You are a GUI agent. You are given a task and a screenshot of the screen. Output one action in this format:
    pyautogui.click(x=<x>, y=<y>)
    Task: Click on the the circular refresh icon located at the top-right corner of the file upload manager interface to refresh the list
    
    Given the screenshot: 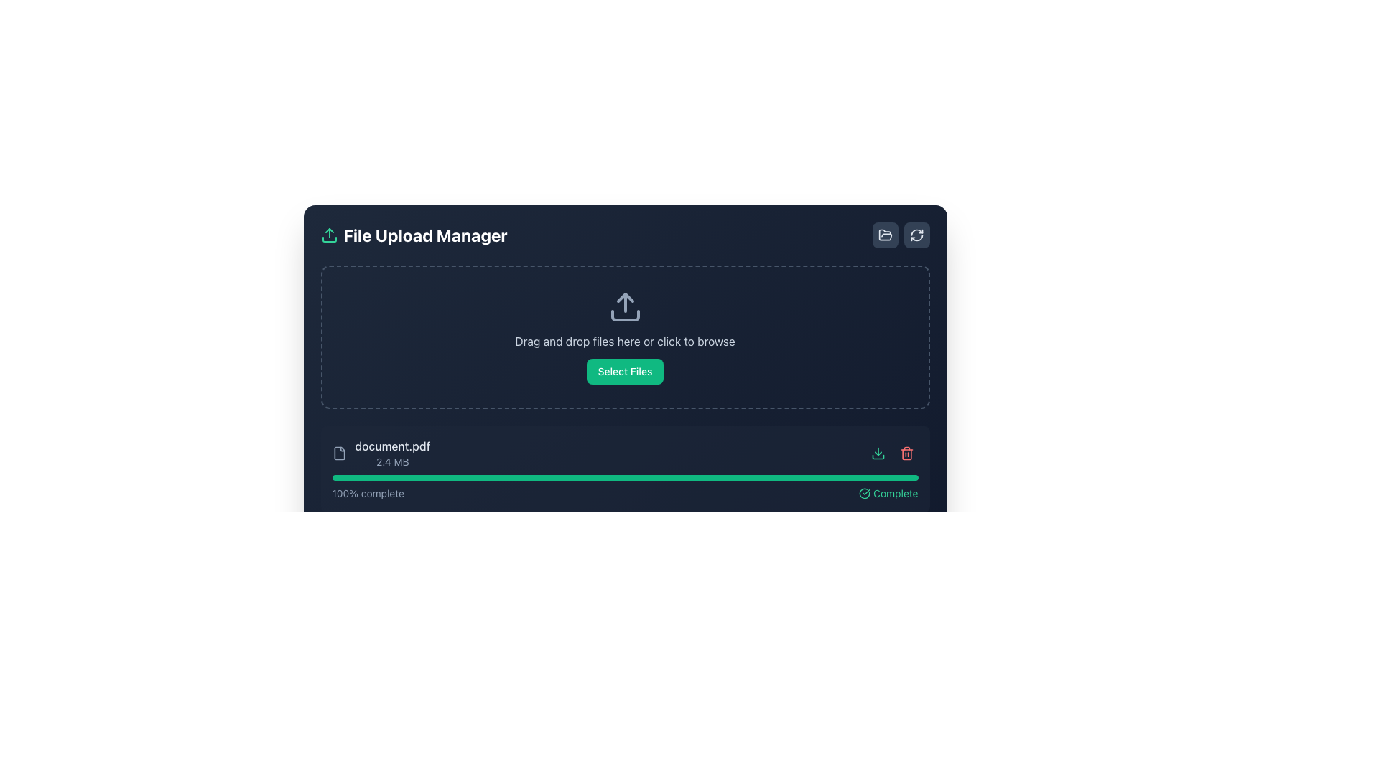 What is the action you would take?
    pyautogui.click(x=916, y=234)
    